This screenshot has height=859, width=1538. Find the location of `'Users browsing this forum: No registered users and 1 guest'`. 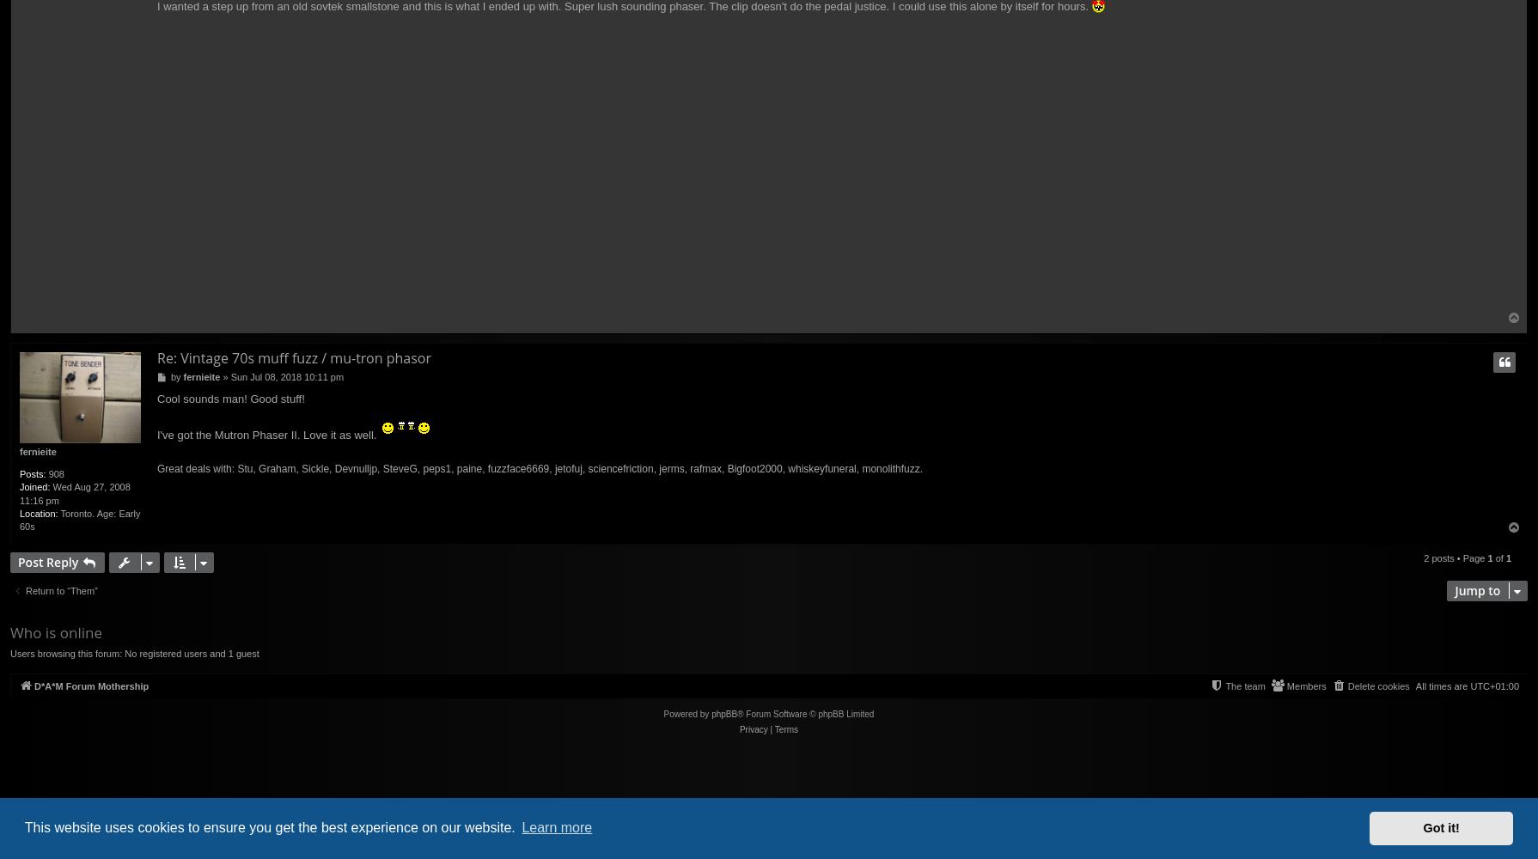

'Users browsing this forum: No registered users and 1 guest' is located at coordinates (134, 653).